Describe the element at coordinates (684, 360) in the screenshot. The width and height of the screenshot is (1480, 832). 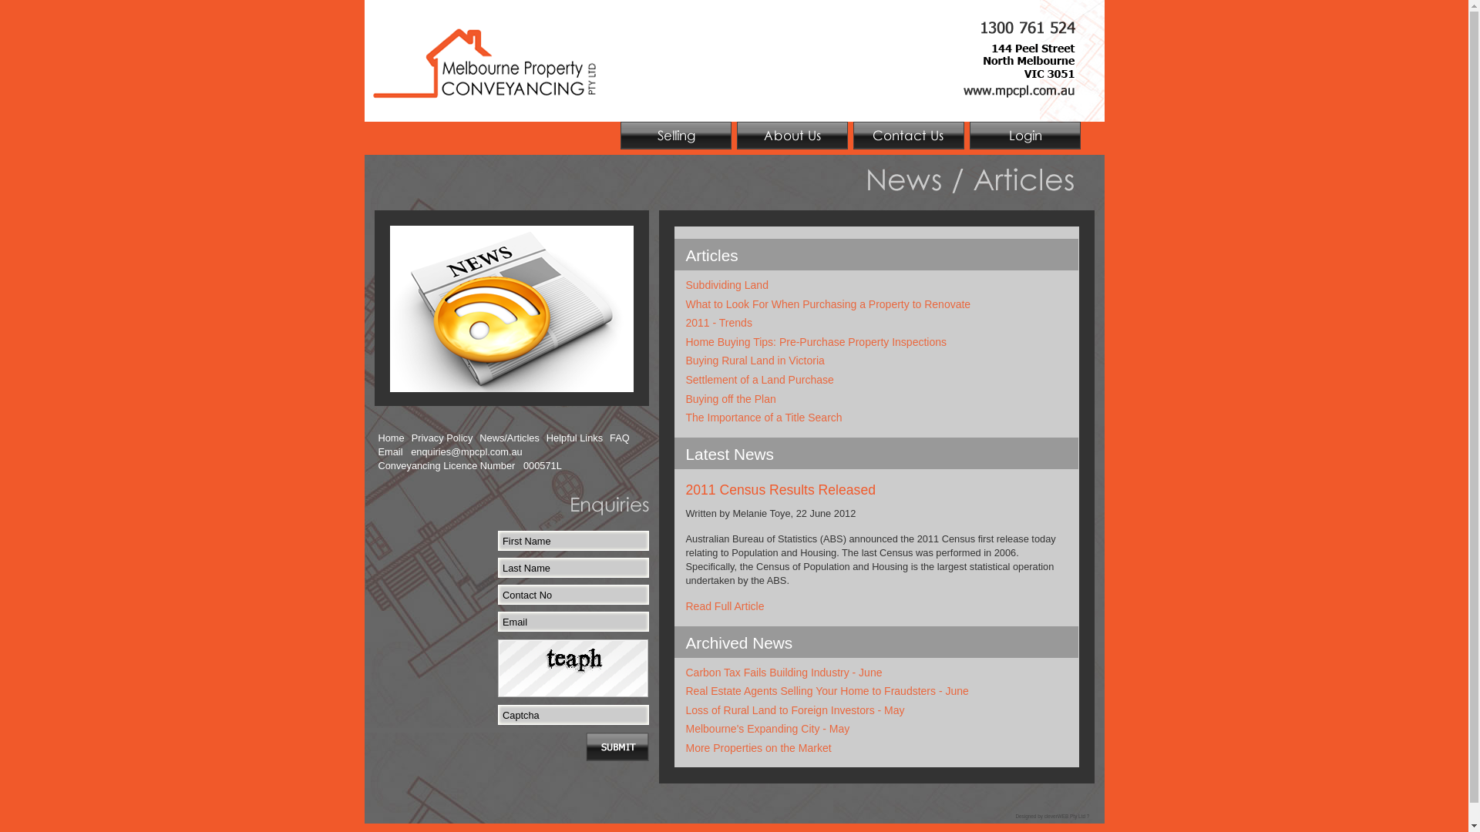
I see `'Buying Rural Land in Victoria'` at that location.